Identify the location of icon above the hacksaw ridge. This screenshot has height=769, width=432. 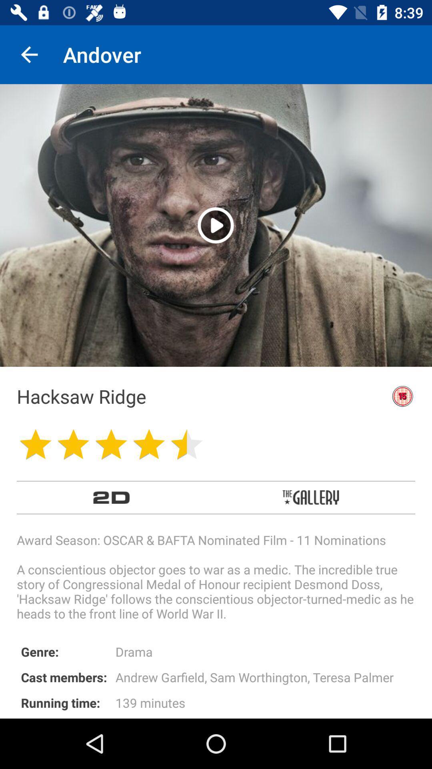
(215, 225).